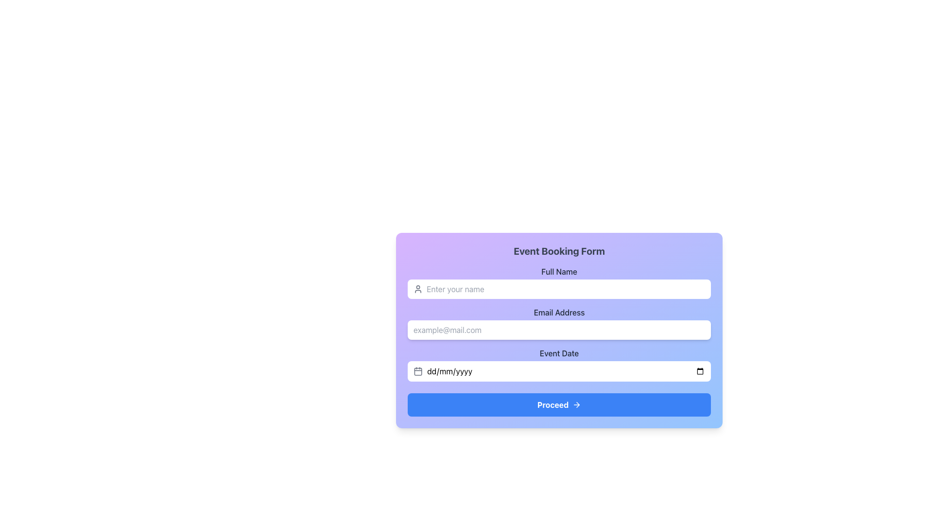 The width and height of the screenshot is (933, 525). Describe the element at coordinates (418, 371) in the screenshot. I see `the calendar icon located in the 'Event Booking Form' within the 'Event Date' input section to invoke the date picker` at that location.